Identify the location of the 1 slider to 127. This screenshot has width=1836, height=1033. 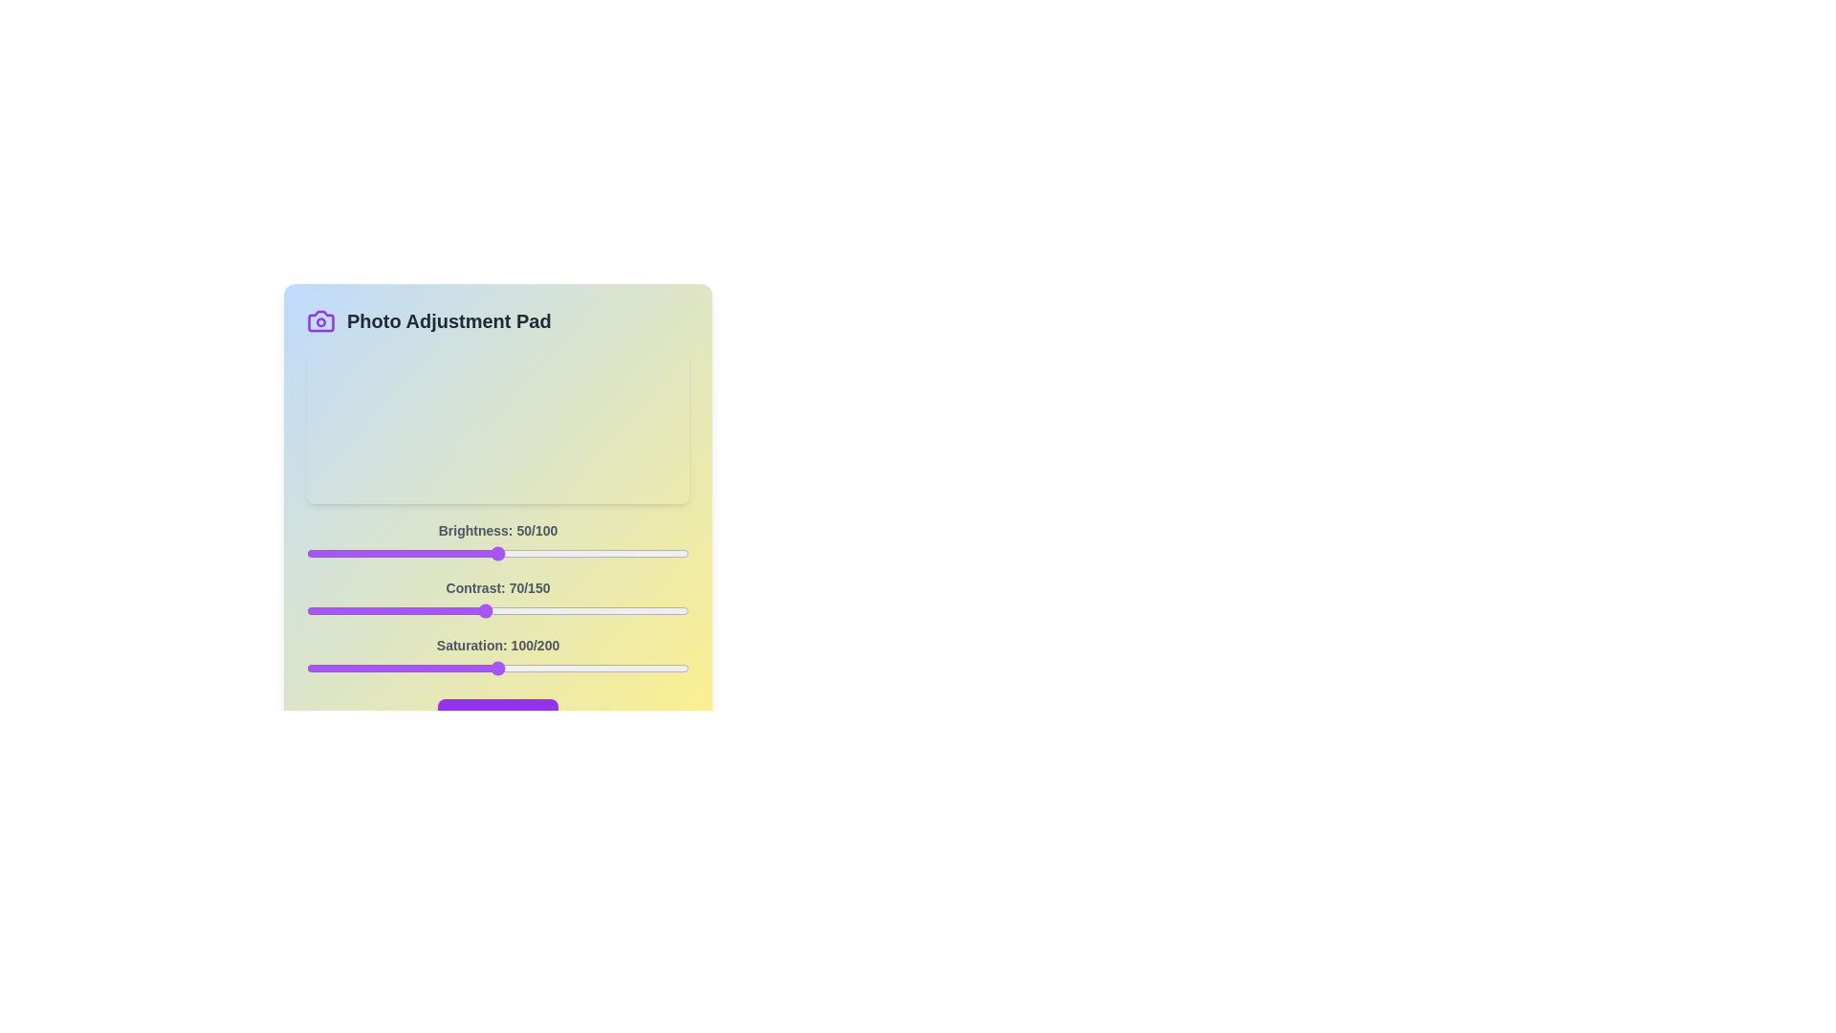
(630, 611).